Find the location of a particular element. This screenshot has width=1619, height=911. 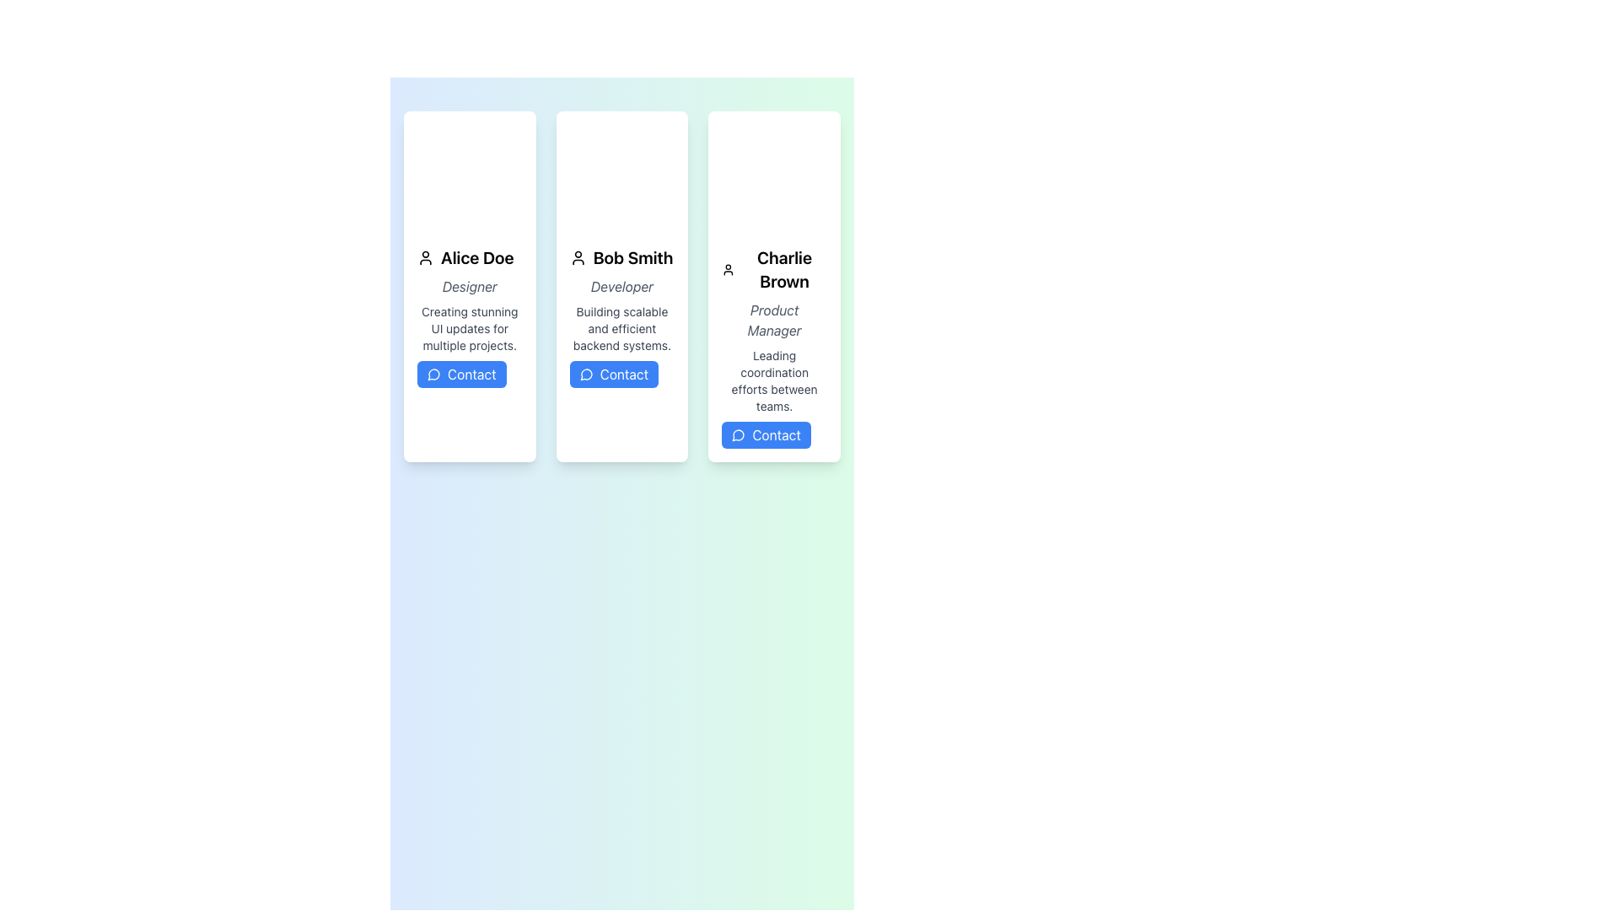

the user profile icon that resembles a simple outline of a bust and circular head, positioned in the top-left corner of the section displaying 'Alice Doe' is located at coordinates (425, 257).